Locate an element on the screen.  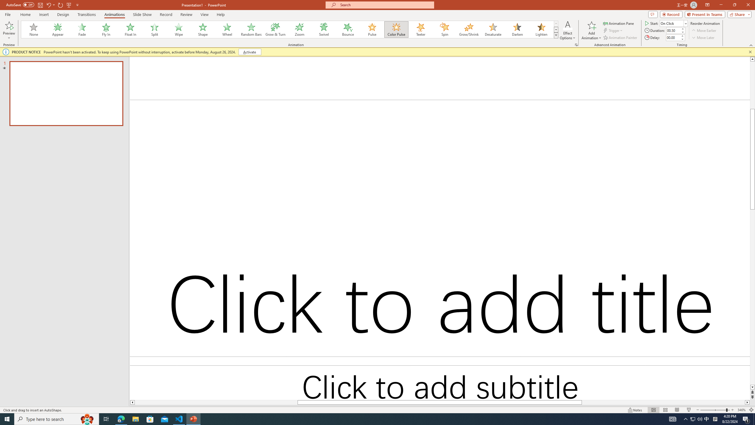
'AutomationID: AnimationGallery' is located at coordinates (290, 29).